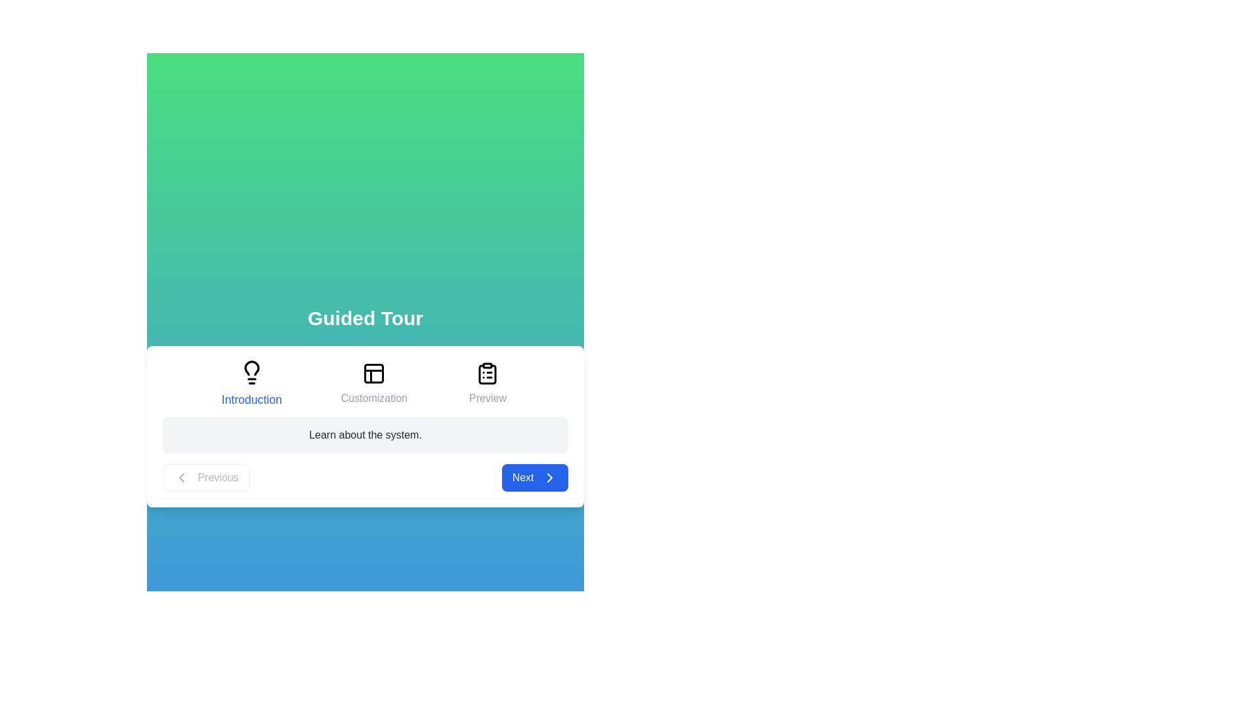  I want to click on the 'Guided Tour' title and read its content, so click(365, 318).